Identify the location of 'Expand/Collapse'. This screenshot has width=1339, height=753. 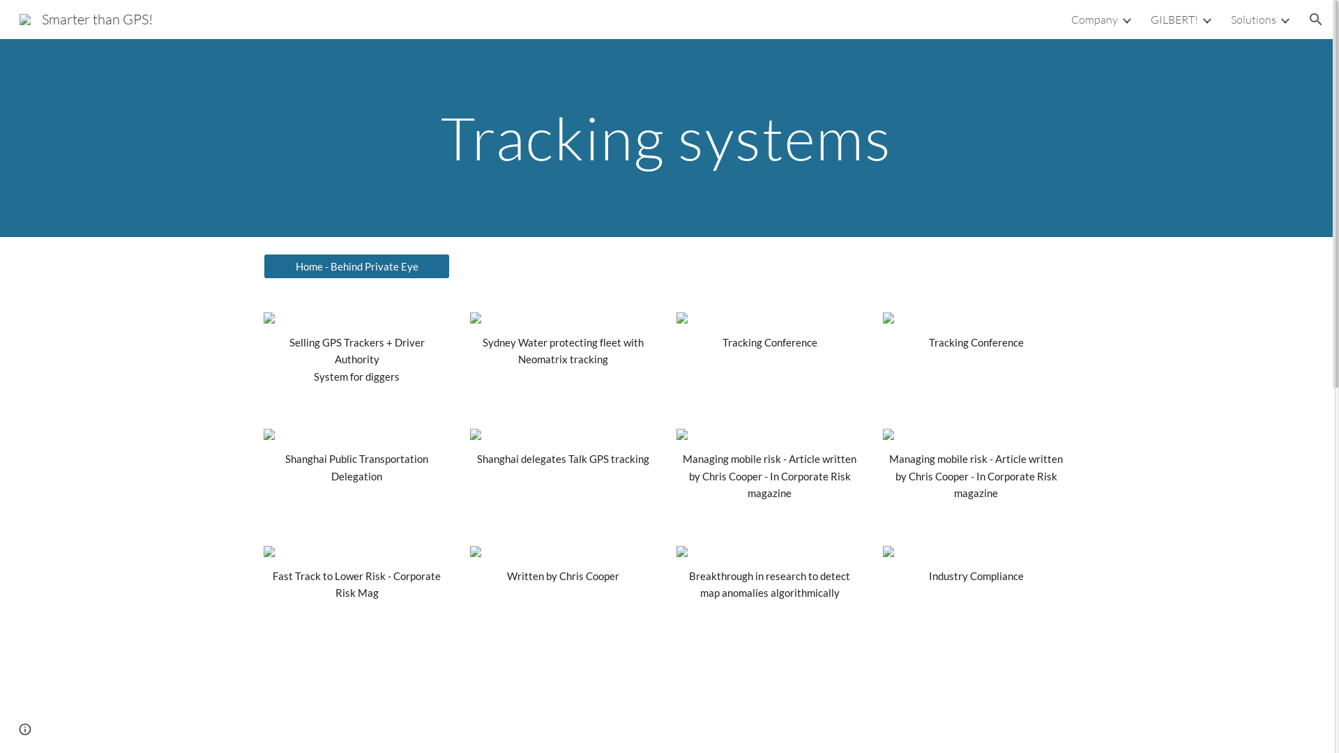
(1205, 19).